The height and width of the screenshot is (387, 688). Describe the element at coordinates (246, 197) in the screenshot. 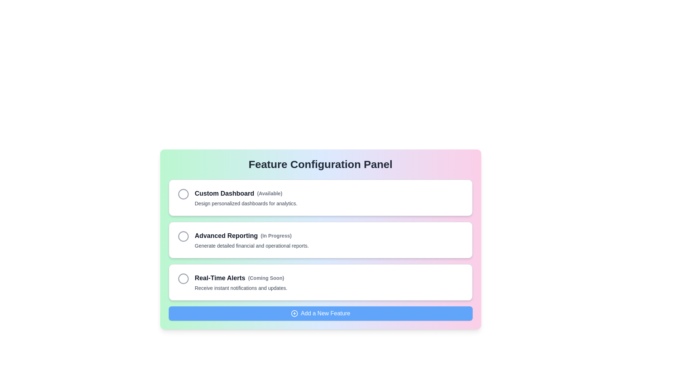

I see `the text block displaying 'Custom Dashboard (Available)' and 'Design personalized dashboards for analytics.' in the Feature Configuration Panel` at that location.